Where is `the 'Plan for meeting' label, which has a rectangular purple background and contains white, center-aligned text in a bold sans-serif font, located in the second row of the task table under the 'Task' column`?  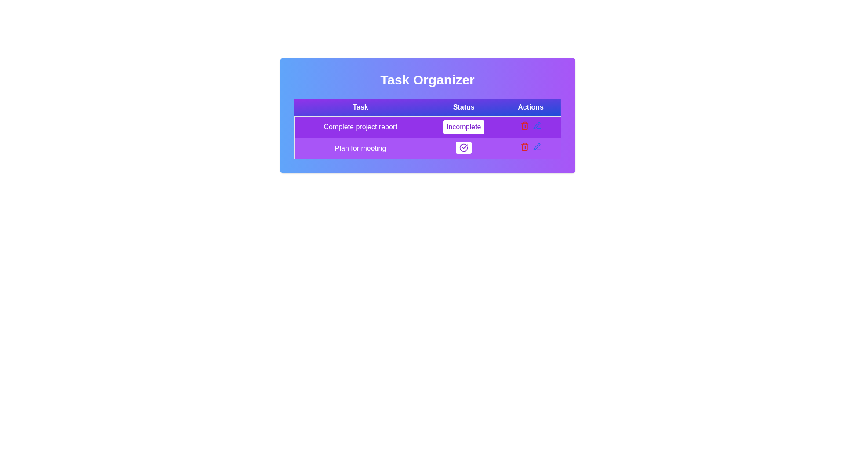
the 'Plan for meeting' label, which has a rectangular purple background and contains white, center-aligned text in a bold sans-serif font, located in the second row of the task table under the 'Task' column is located at coordinates (360, 148).